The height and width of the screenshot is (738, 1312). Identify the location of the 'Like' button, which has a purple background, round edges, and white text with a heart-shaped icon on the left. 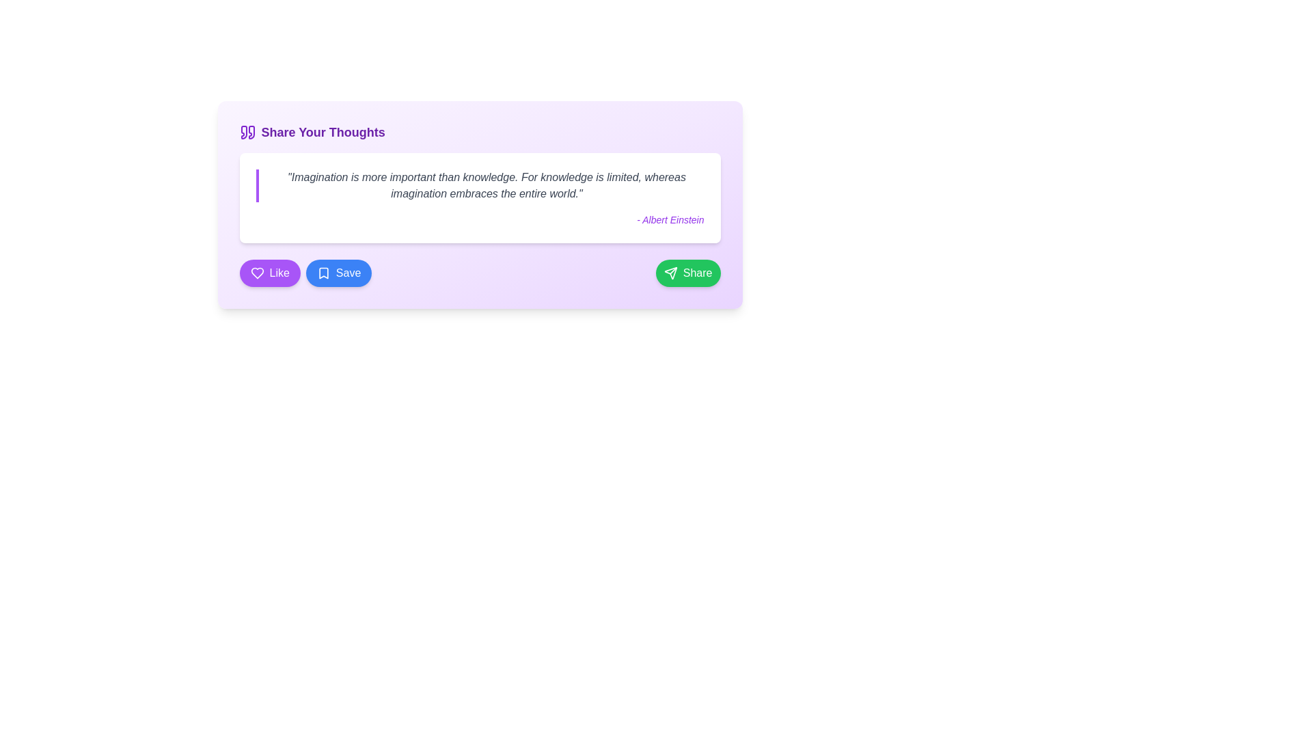
(270, 273).